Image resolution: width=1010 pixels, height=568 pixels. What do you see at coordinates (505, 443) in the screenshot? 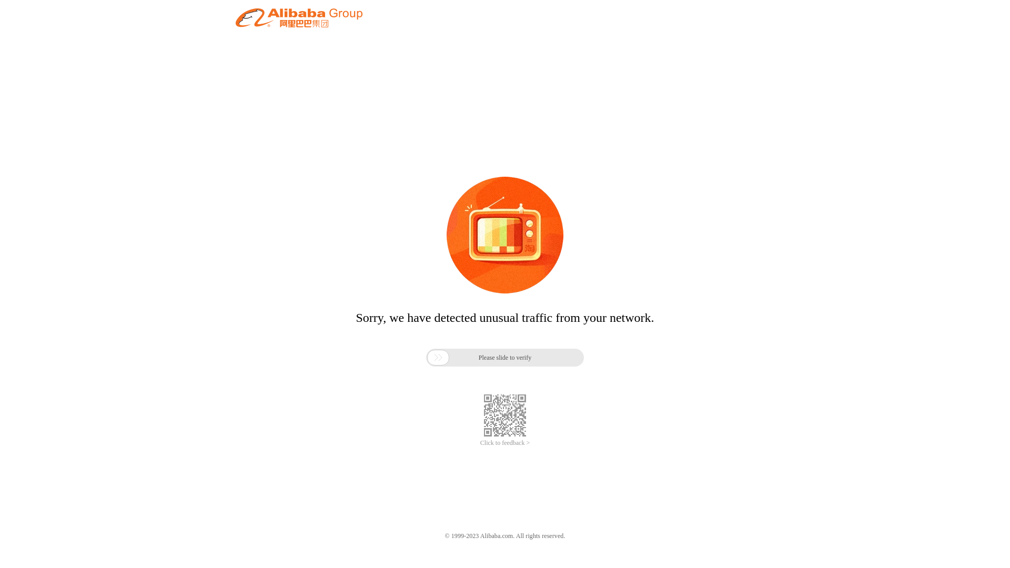
I see `'Click to feedback >'` at bounding box center [505, 443].